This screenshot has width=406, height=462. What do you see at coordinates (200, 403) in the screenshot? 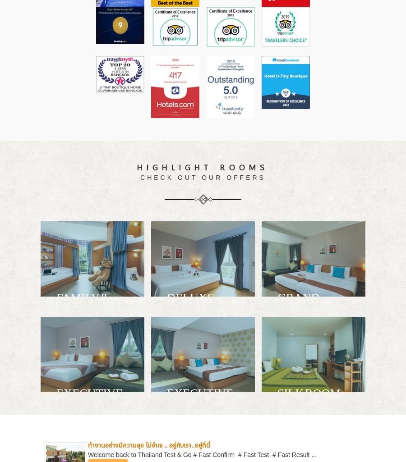
I see `'EXECUTIVE GARDEN ACCESS'` at bounding box center [200, 403].